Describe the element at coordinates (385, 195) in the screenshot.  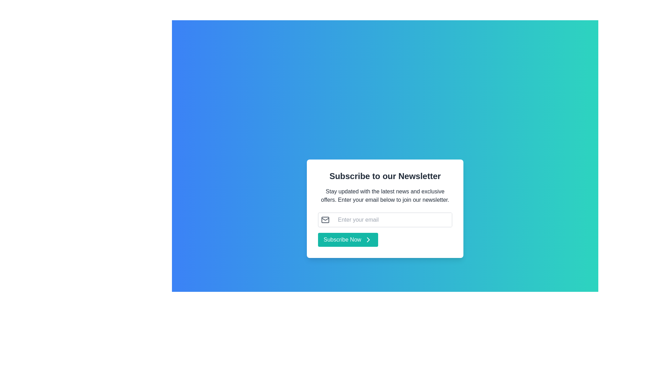
I see `the newsletter subscription message text, which is styled with a gray font on a white background and located within the subscription box below the title 'Subscribe to our Newsletter'` at that location.